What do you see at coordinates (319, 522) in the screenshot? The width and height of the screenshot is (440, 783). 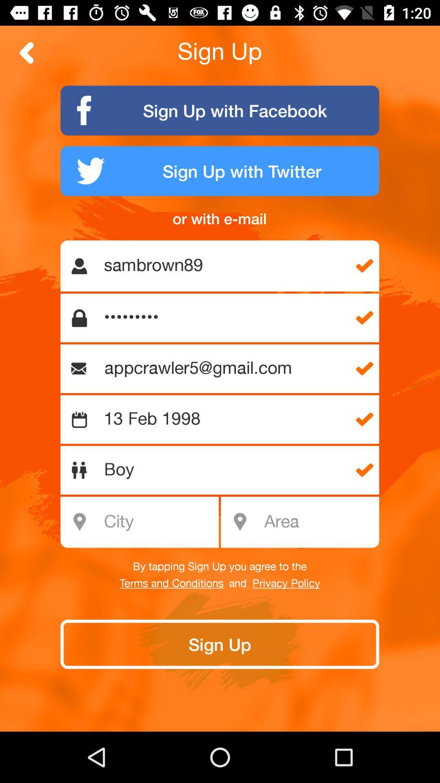 I see `item above the by tapping sign icon` at bounding box center [319, 522].